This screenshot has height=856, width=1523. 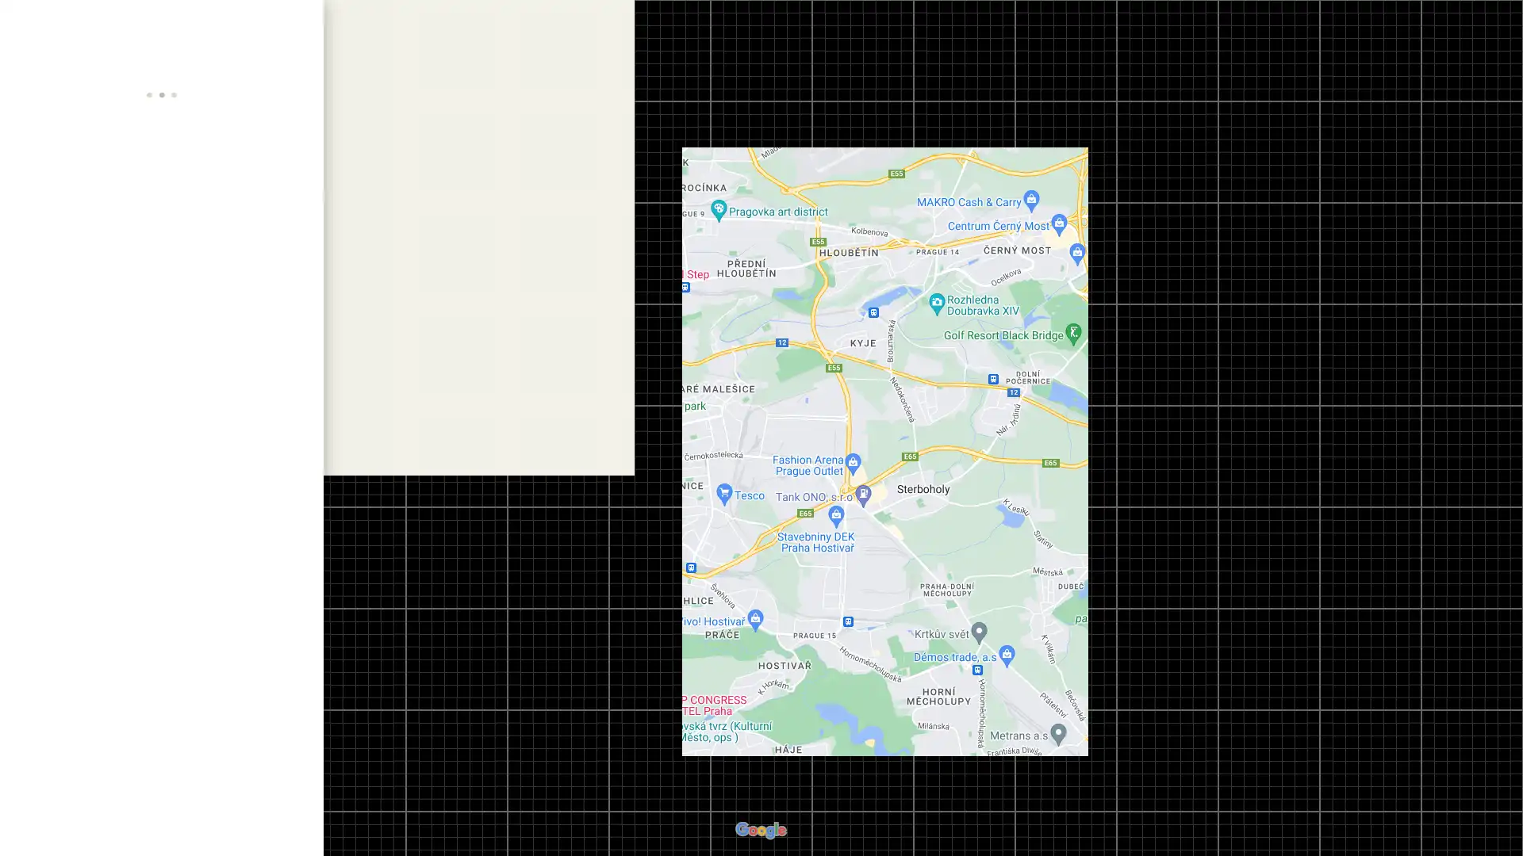 I want to click on Copy website, so click(x=297, y=430).